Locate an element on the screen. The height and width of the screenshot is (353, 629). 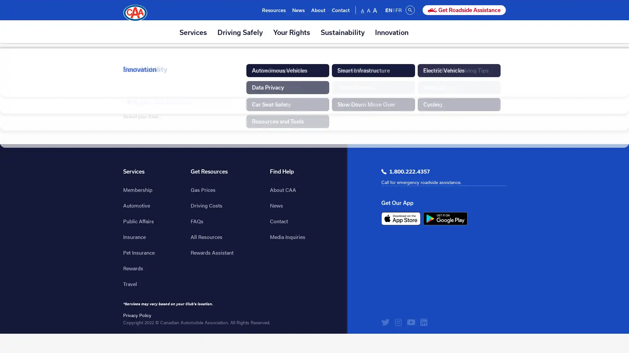
Search is located at coordinates (454, 10).